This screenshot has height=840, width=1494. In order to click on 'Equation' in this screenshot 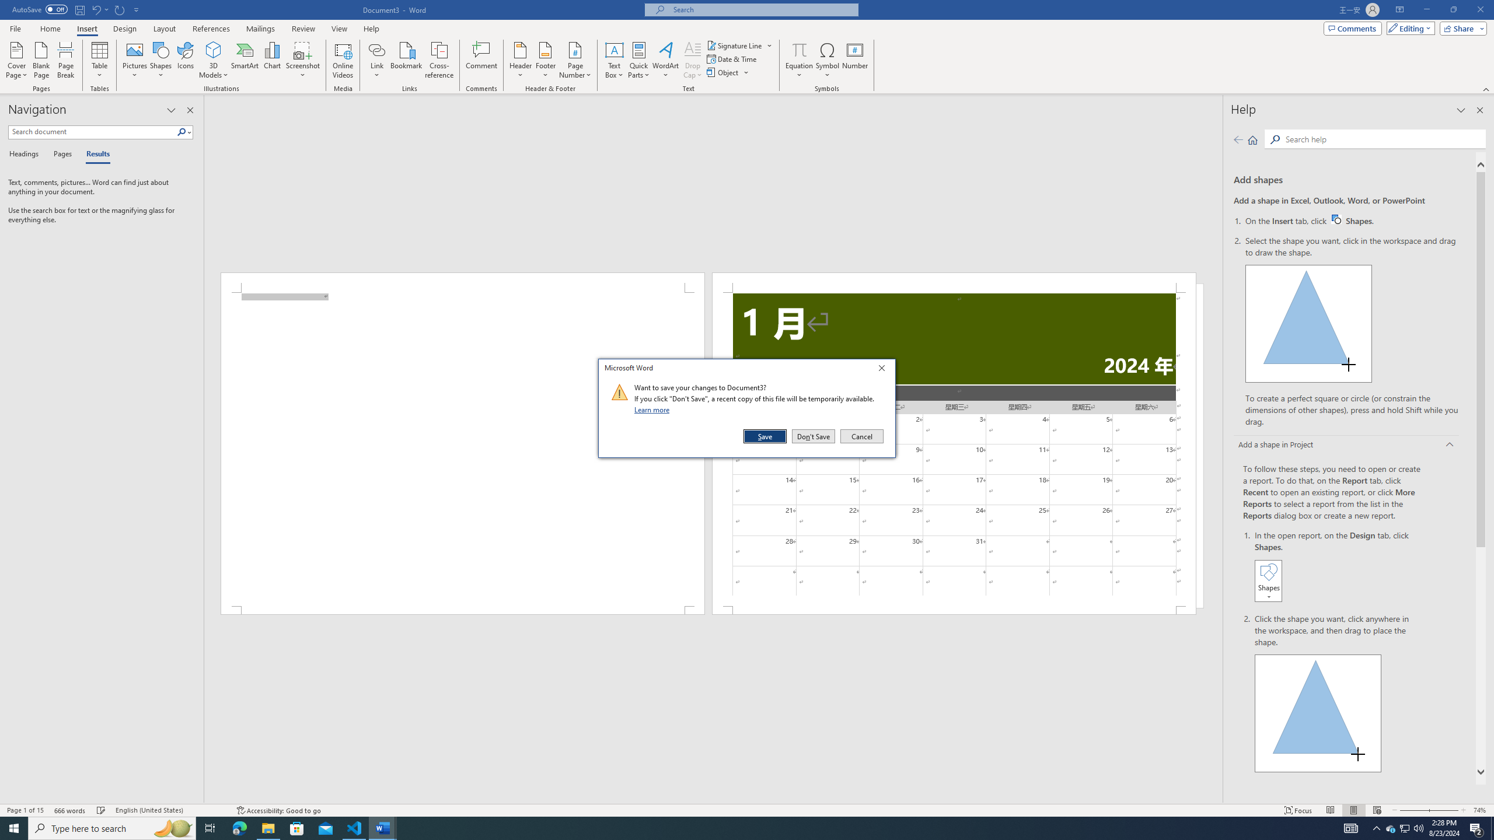, I will do `click(799, 60)`.